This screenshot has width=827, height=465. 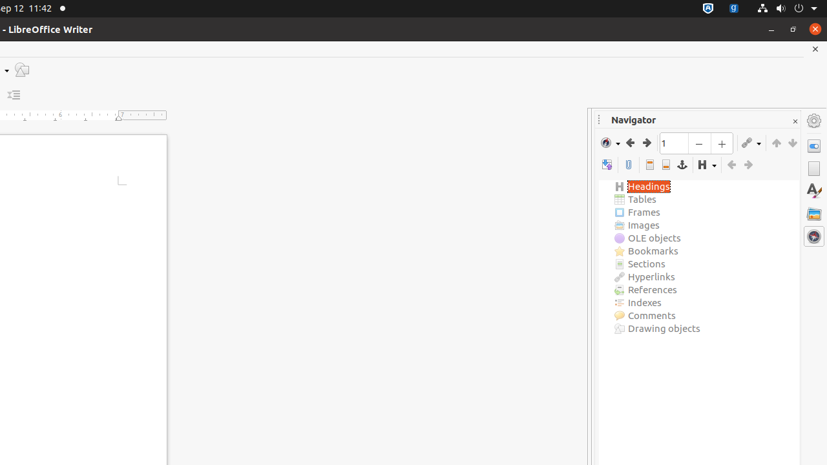 I want to click on 'Content Navigation View', so click(x=606, y=164).